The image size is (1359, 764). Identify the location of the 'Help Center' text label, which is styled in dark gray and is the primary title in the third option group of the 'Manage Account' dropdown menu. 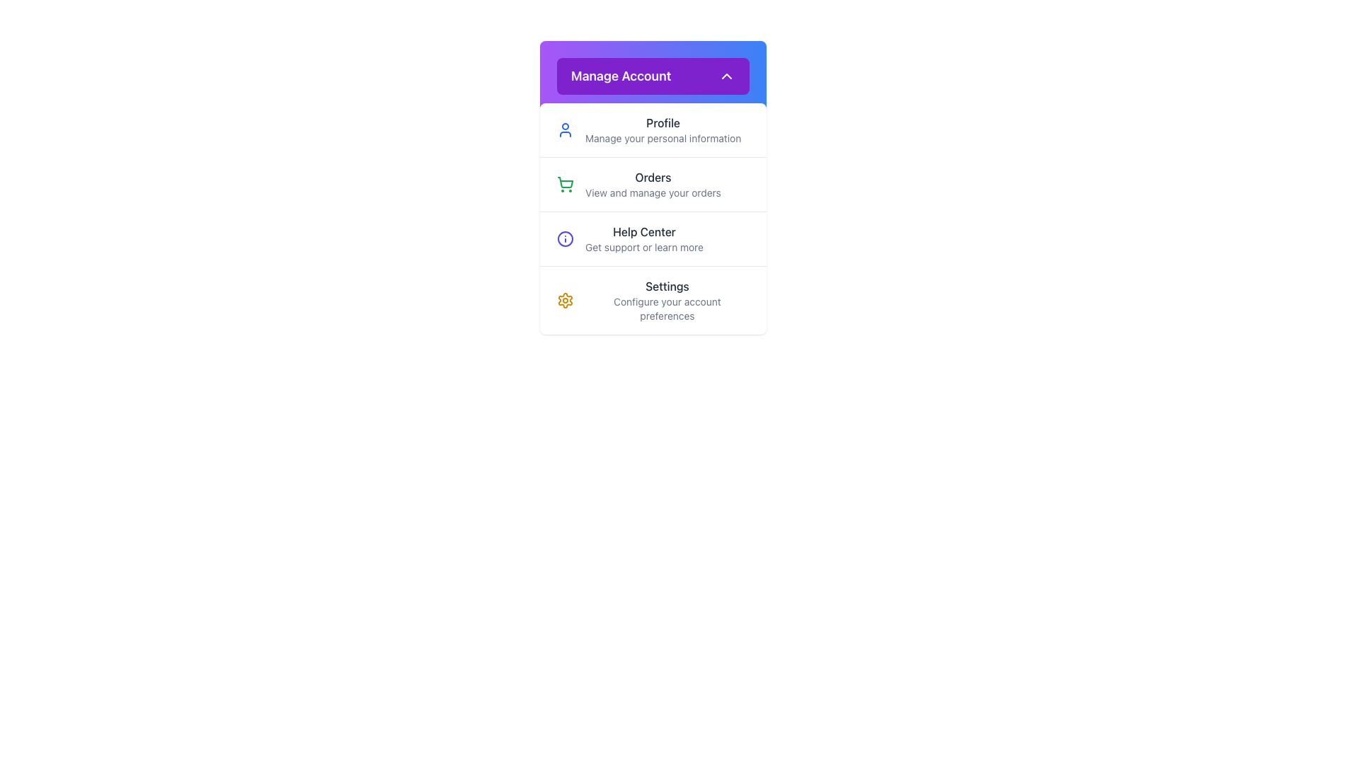
(643, 231).